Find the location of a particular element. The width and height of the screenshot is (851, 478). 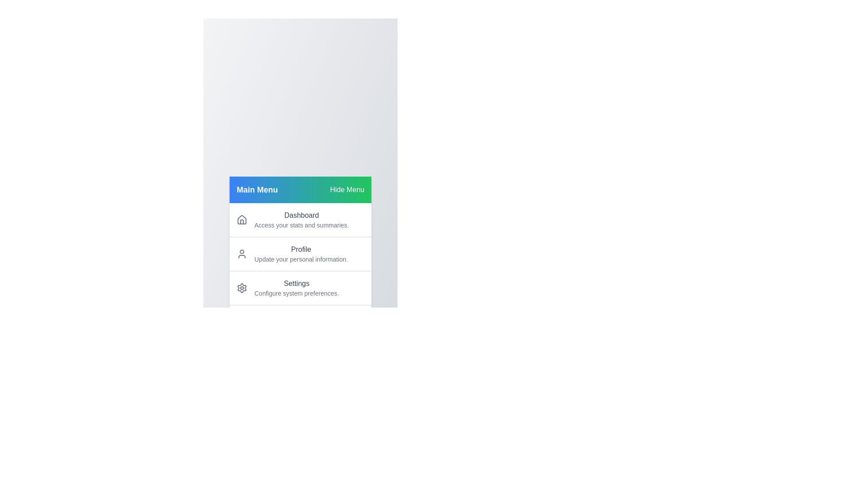

the menu item labeled 'Profile' to observe its hover effect is located at coordinates (300, 254).